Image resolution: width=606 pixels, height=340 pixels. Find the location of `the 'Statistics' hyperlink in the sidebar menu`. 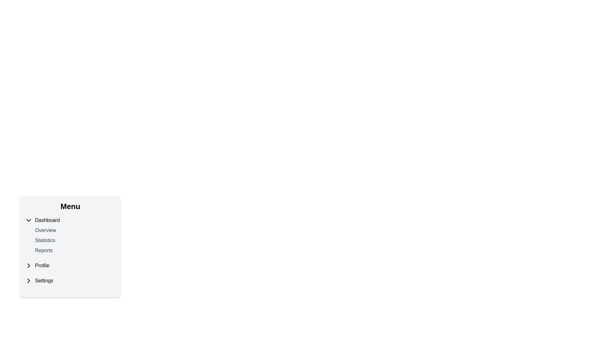

the 'Statistics' hyperlink in the sidebar menu is located at coordinates (45, 240).